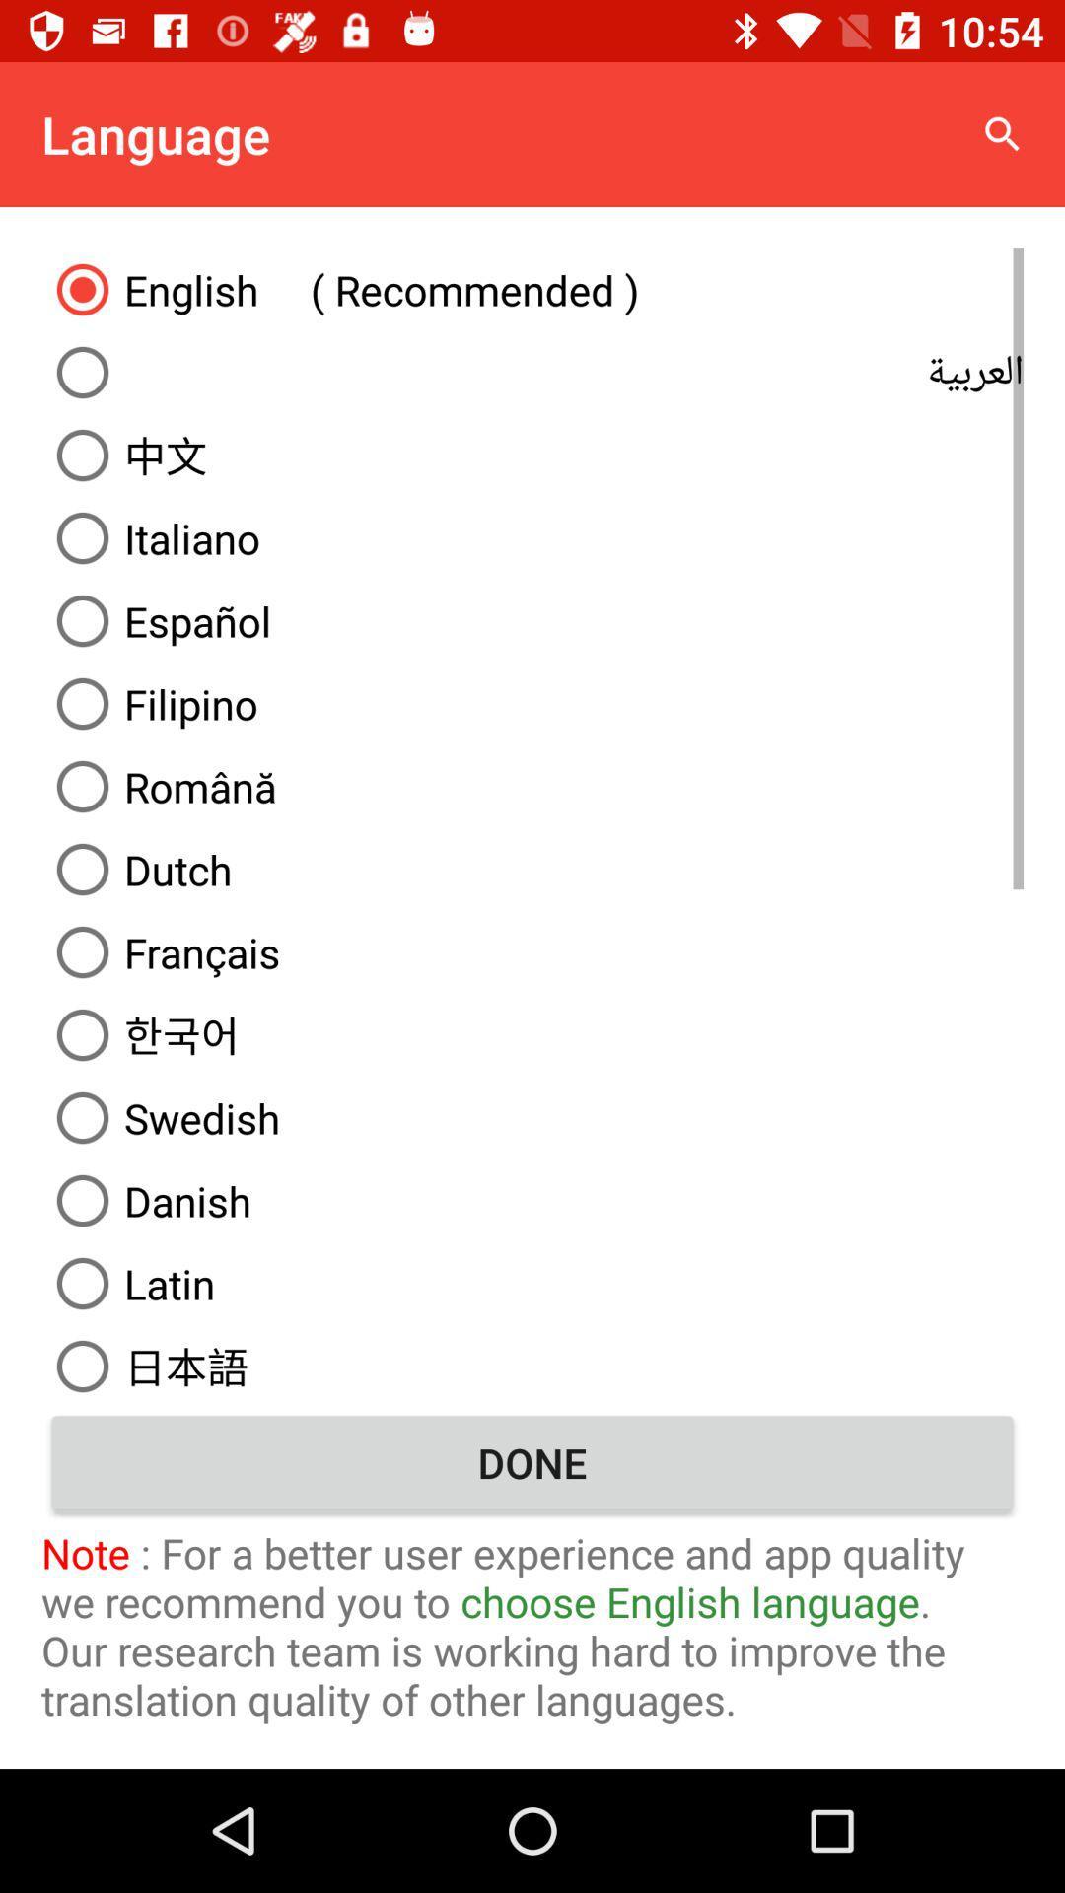  What do you see at coordinates (532, 1117) in the screenshot?
I see `swedish` at bounding box center [532, 1117].